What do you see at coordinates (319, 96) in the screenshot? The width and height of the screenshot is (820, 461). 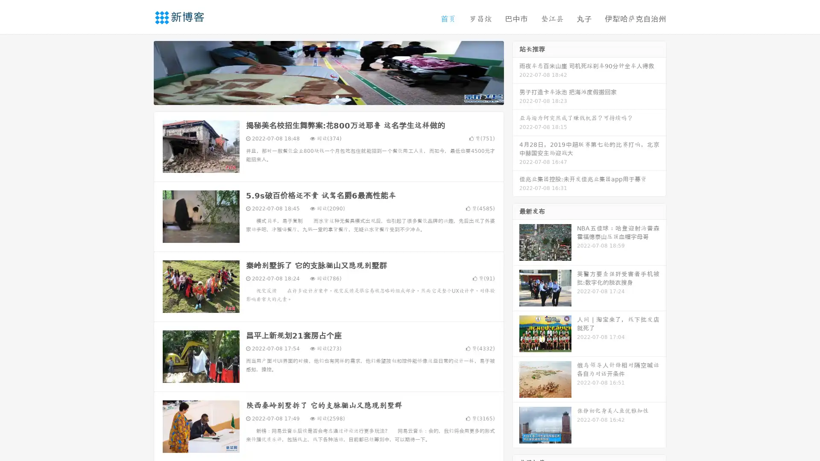 I see `Go to slide 1` at bounding box center [319, 96].